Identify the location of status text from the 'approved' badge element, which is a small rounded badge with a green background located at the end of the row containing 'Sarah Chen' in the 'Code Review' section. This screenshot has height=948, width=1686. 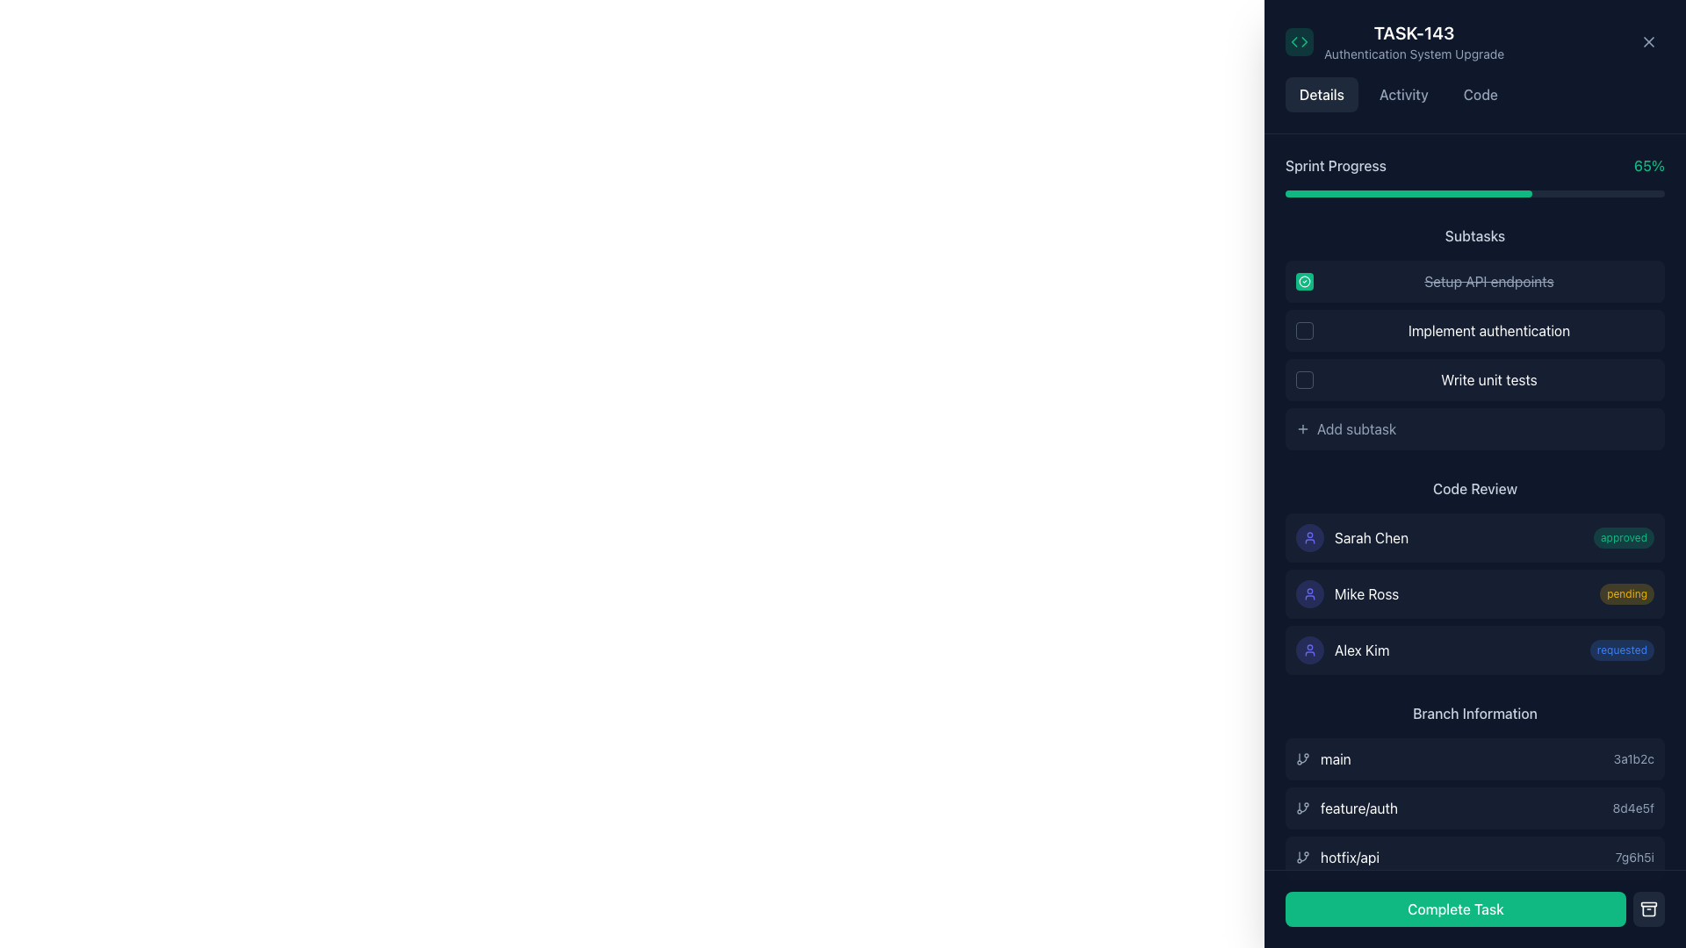
(1623, 537).